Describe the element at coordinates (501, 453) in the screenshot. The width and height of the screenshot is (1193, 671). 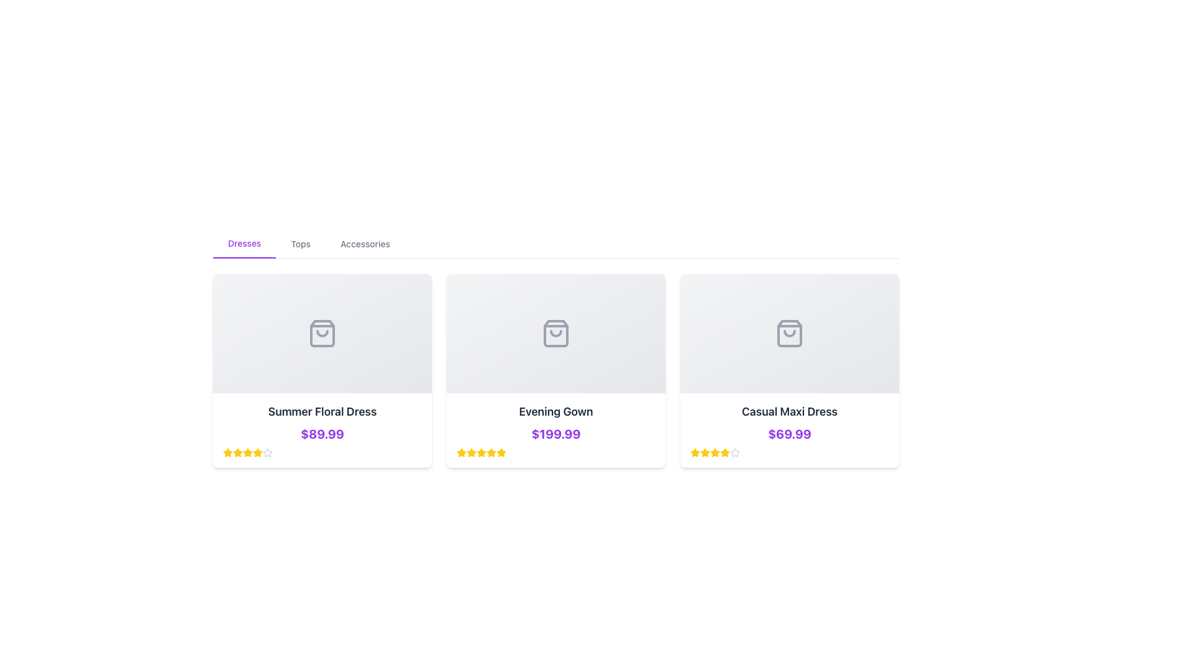
I see `the fifth star icon used for product rating, located below the price of the middle product card in the interface` at that location.